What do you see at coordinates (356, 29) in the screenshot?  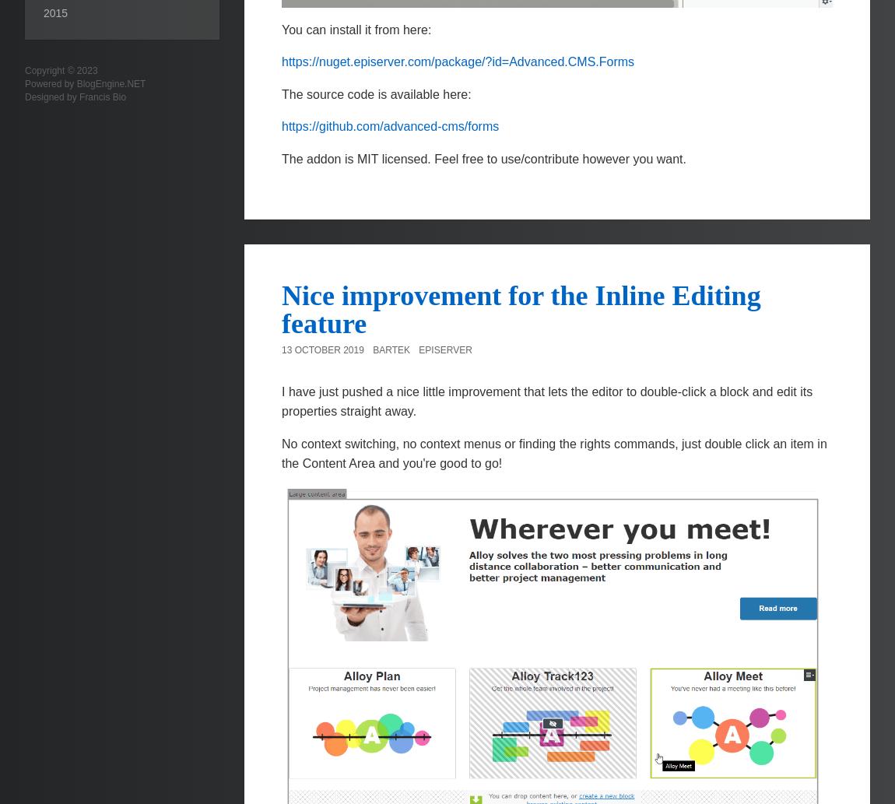 I see `'You can install it from here:'` at bounding box center [356, 29].